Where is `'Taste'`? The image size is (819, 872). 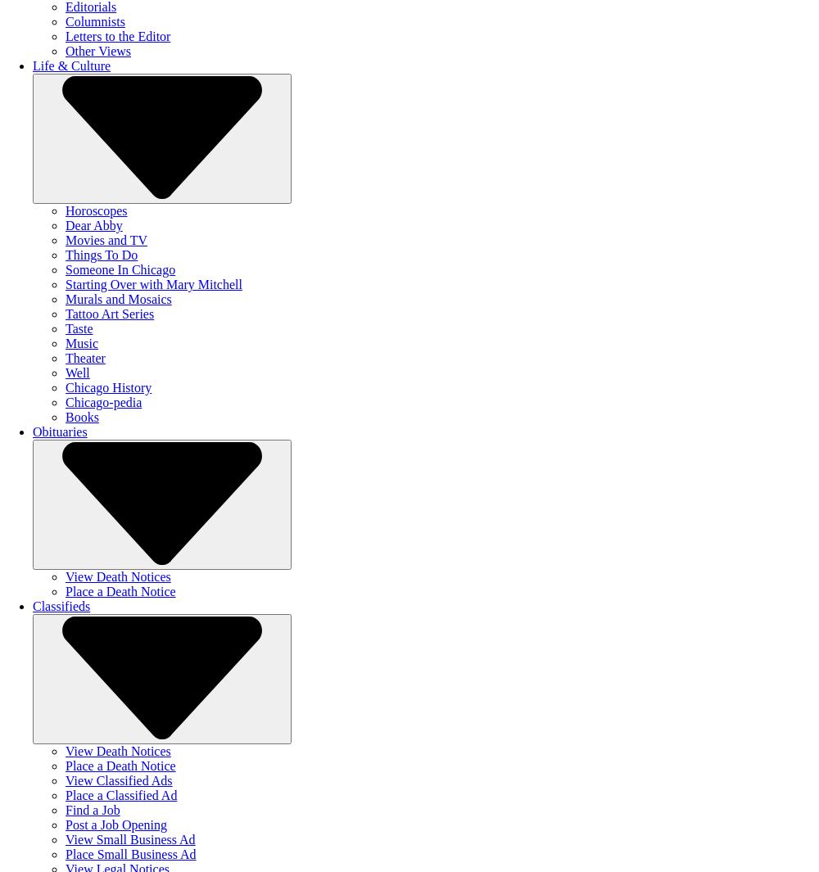
'Taste' is located at coordinates (78, 328).